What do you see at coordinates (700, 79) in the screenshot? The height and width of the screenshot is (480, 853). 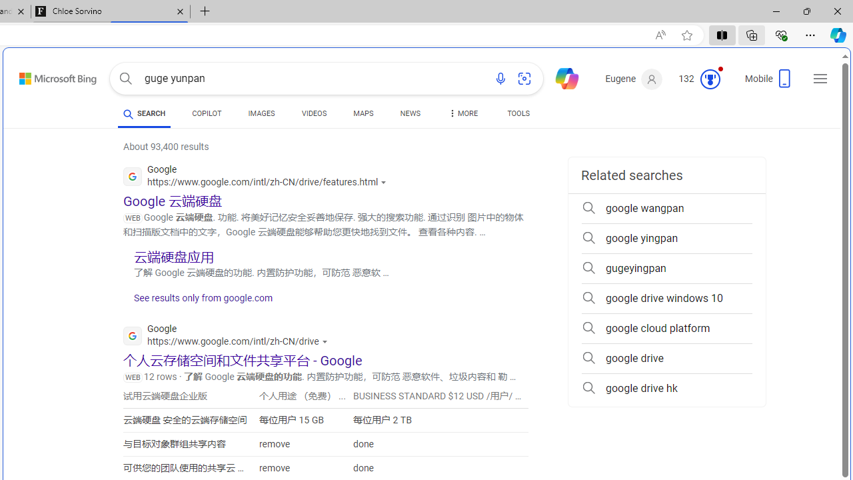 I see `'Microsoft Rewards 123'` at bounding box center [700, 79].